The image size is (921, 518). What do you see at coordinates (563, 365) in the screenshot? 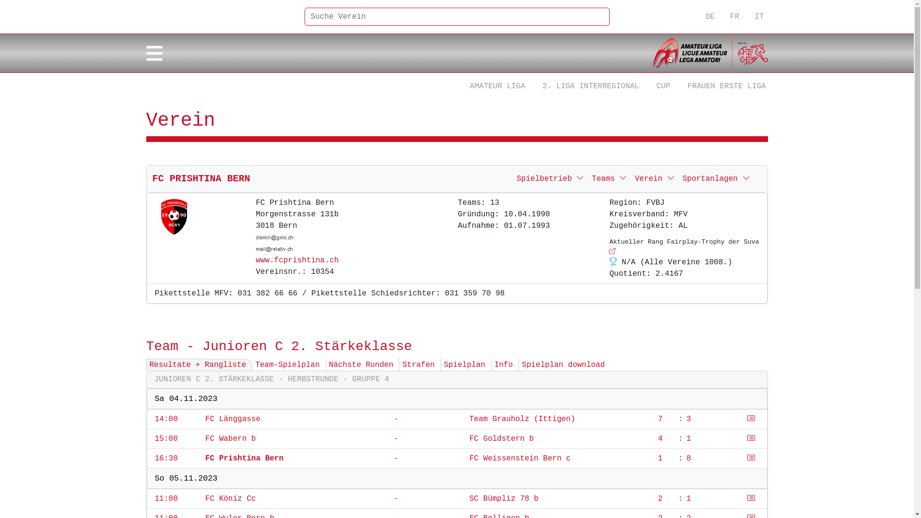
I see `'Spielplan download'` at bounding box center [563, 365].